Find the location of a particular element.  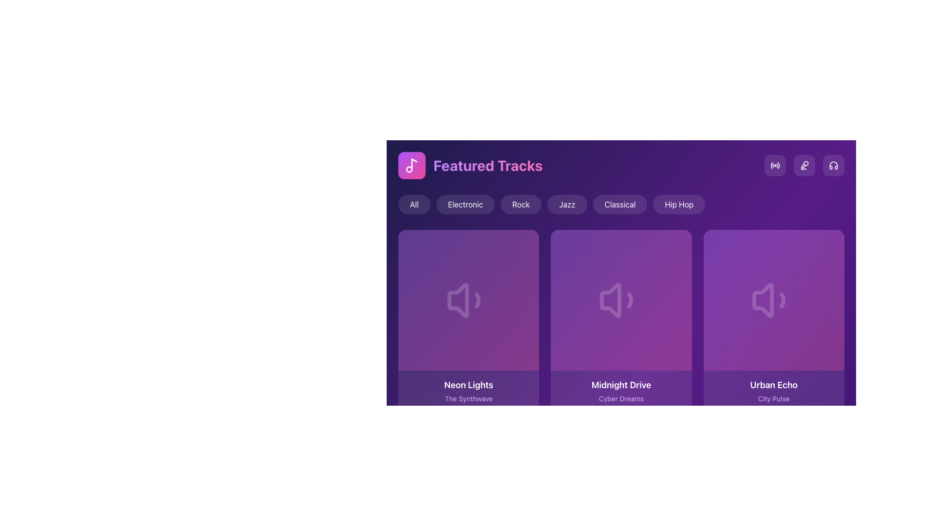

text block that identifies the music track titled 'Neon Lights' under the category 'The Synthwave', located in the first card under the 'Featured Tracks' section is located at coordinates (468, 391).